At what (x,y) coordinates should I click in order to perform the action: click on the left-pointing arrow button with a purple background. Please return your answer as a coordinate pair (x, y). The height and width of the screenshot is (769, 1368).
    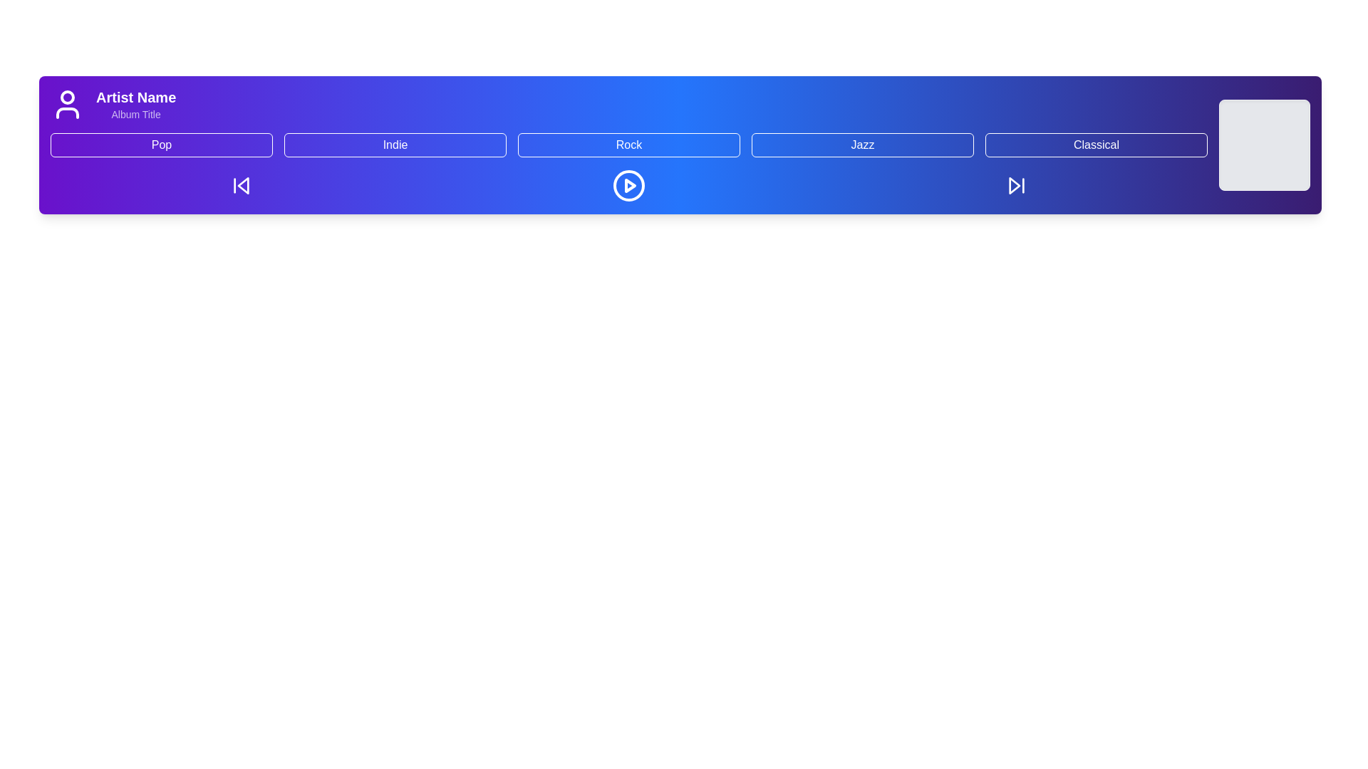
    Looking at the image, I should click on (242, 185).